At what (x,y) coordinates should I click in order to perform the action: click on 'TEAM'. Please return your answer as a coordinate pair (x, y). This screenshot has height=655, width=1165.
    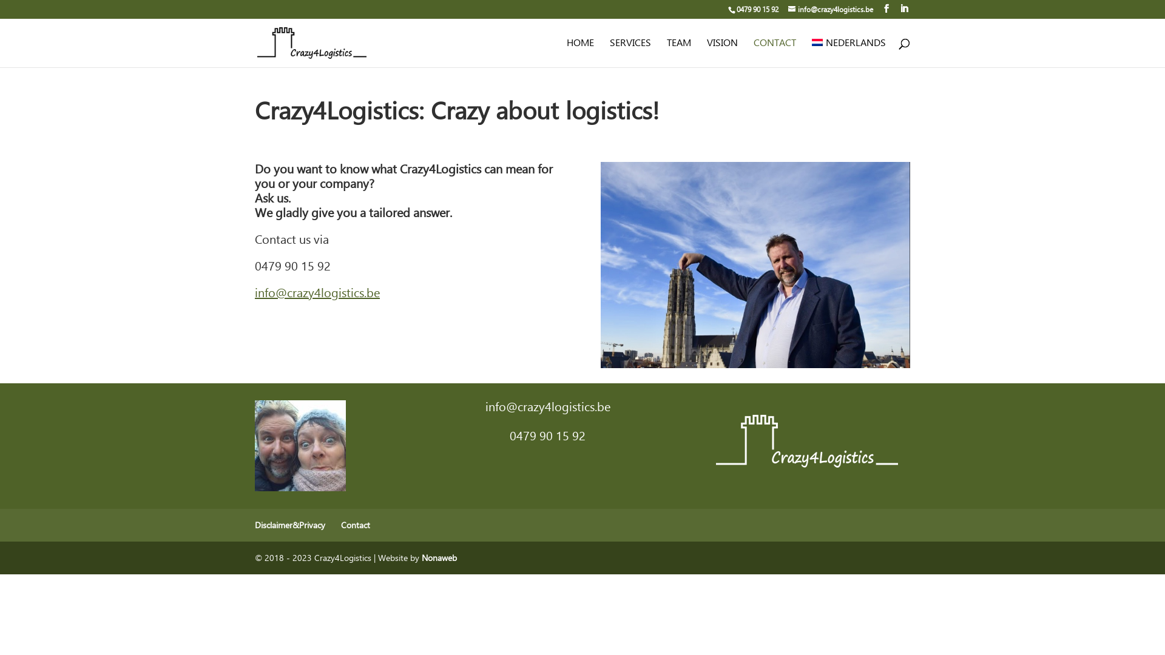
    Looking at the image, I should click on (678, 52).